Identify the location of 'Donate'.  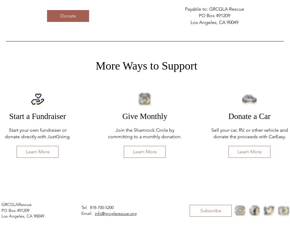
(68, 15).